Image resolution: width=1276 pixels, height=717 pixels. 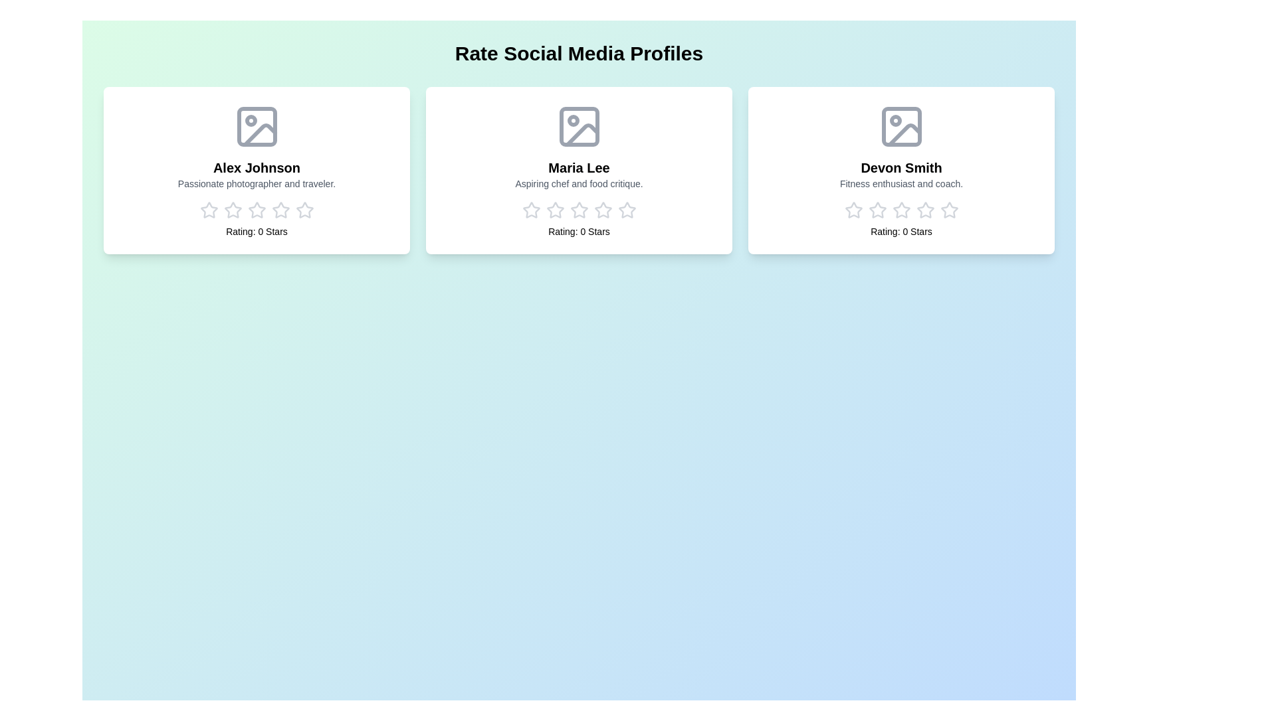 I want to click on the profile card of Alex Johnson to observe the animation effect, so click(x=257, y=170).